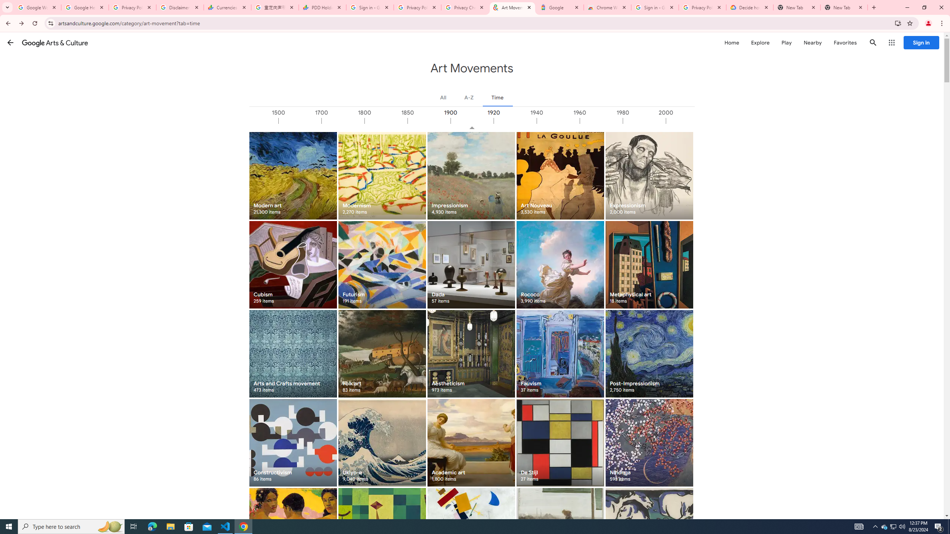  I want to click on 'Play', so click(786, 42).